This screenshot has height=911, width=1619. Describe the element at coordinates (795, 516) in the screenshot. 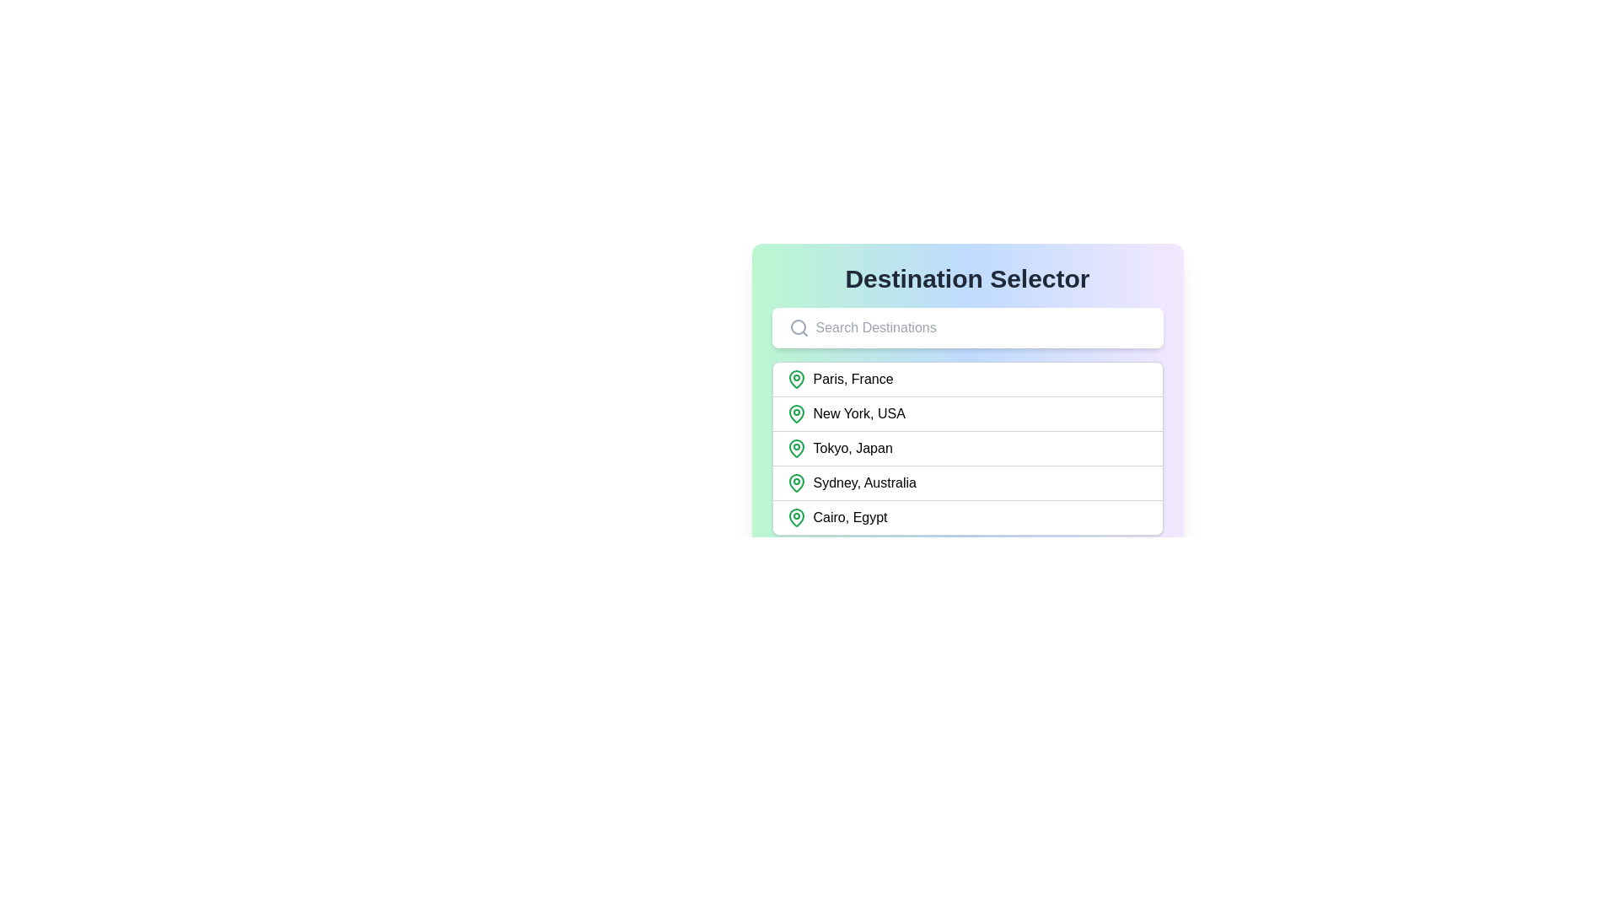

I see `the location marker icon positioned to the left of the text 'Cairo, Egypt'` at that location.